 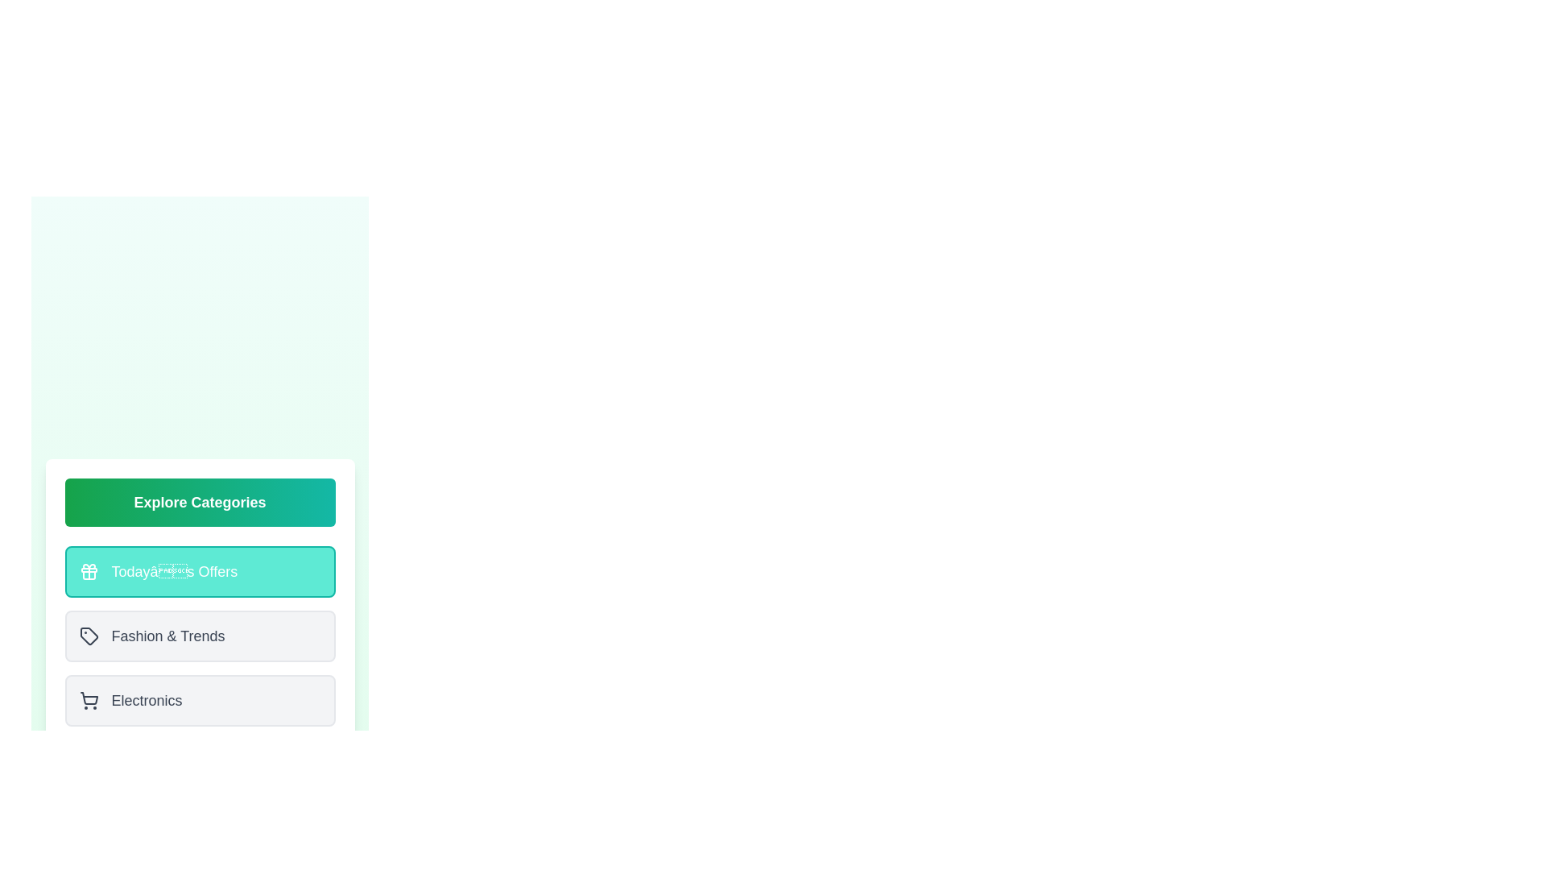 I want to click on the footer text displaying the selected category, so click(x=199, y=764).